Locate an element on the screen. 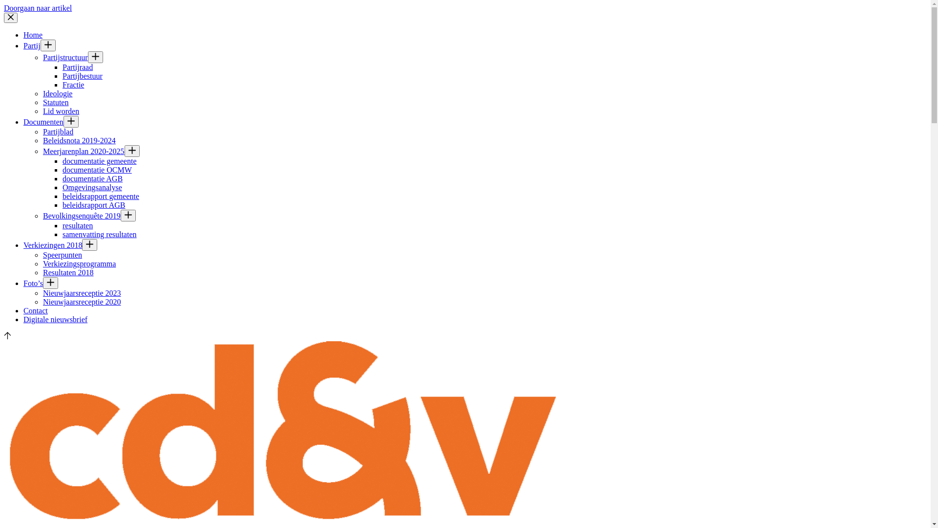 The image size is (938, 528). 'beleidsrapport AGB' is located at coordinates (94, 204).